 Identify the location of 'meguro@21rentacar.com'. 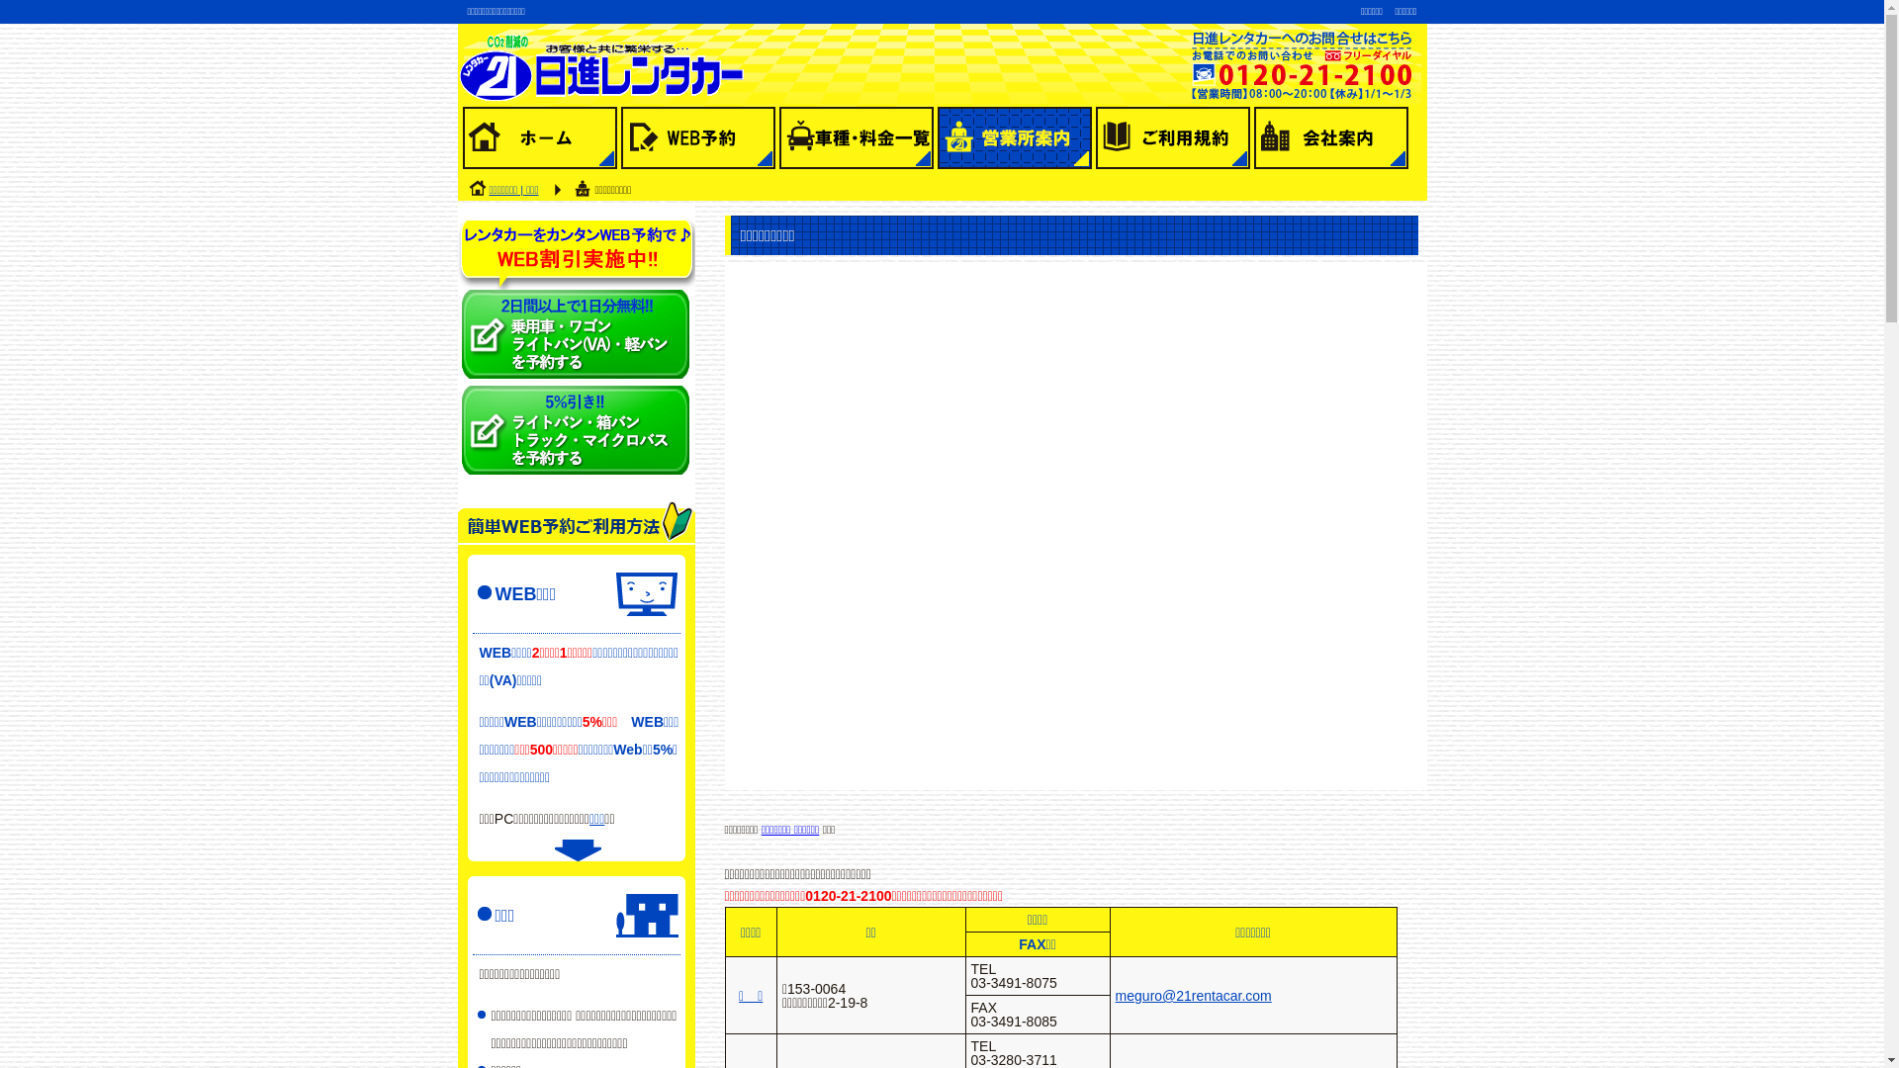
(1192, 995).